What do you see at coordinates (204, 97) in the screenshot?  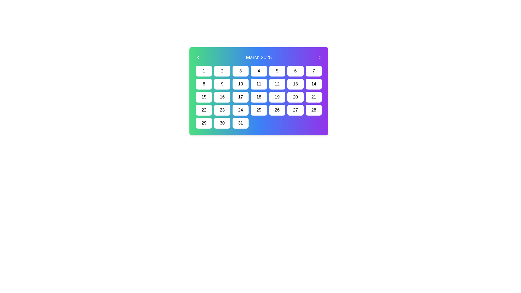 I see `the square-shaped button labeled '15' with a white background and black text` at bounding box center [204, 97].